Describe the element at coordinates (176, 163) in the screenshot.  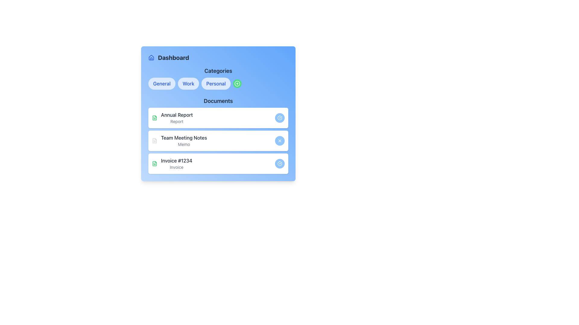
I see `text label indicating the title 'Invoice #1234' and category 'Invoice' in the third document entry of the 'Documents' section` at that location.